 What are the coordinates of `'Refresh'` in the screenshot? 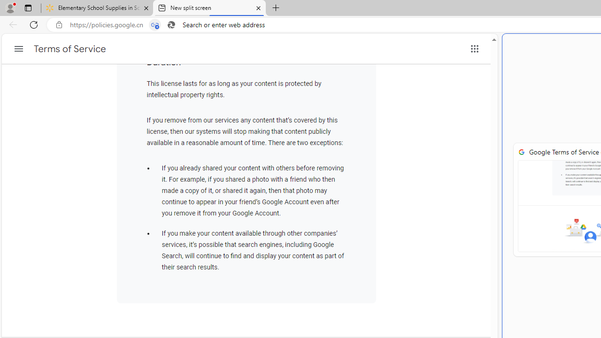 It's located at (34, 24).